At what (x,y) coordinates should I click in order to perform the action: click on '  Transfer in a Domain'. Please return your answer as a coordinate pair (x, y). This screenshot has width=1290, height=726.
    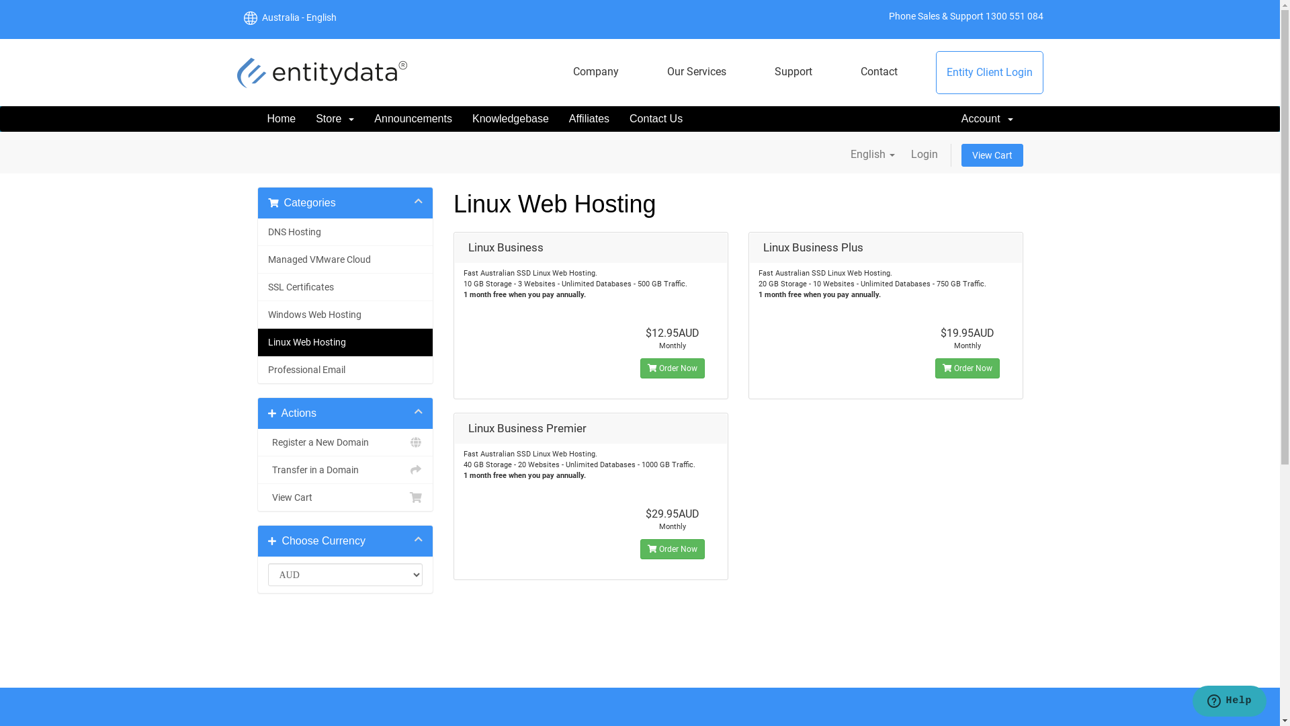
    Looking at the image, I should click on (258, 469).